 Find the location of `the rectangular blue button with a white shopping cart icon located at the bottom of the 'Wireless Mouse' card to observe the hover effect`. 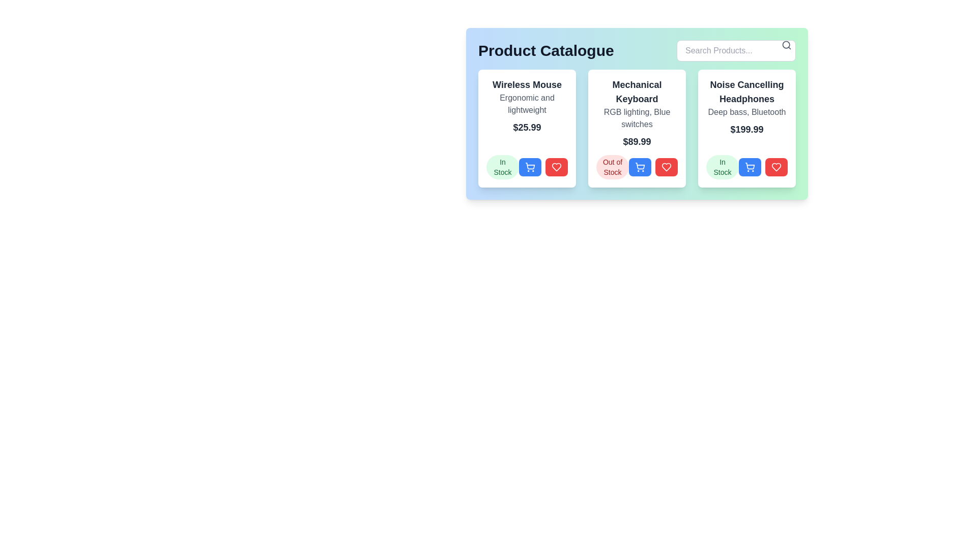

the rectangular blue button with a white shopping cart icon located at the bottom of the 'Wireless Mouse' card to observe the hover effect is located at coordinates (529, 166).